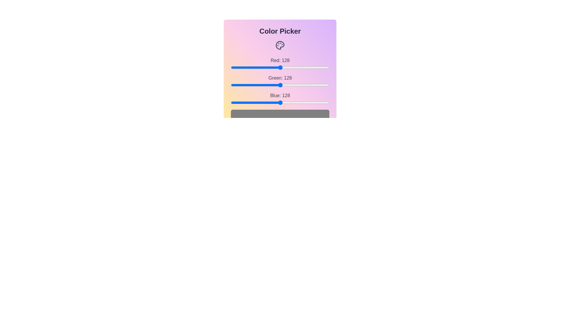 The height and width of the screenshot is (316, 562). What do you see at coordinates (242, 67) in the screenshot?
I see `the red slider to set the red channel to 29` at bounding box center [242, 67].